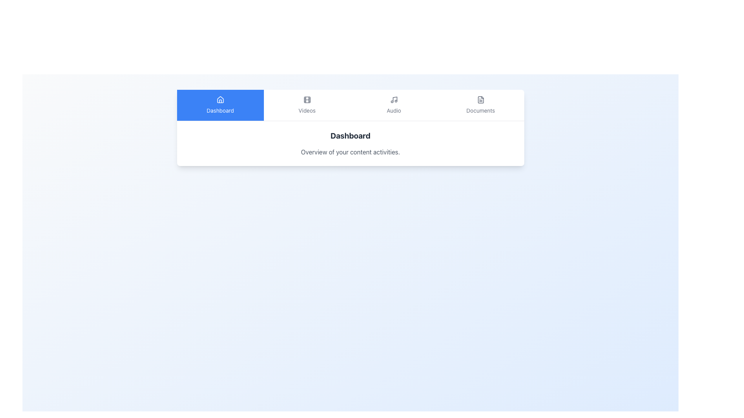 The image size is (744, 418). What do you see at coordinates (394, 110) in the screenshot?
I see `the label that indicates a section related to audio content, located directly below the music note icon in the horizontal menu` at bounding box center [394, 110].